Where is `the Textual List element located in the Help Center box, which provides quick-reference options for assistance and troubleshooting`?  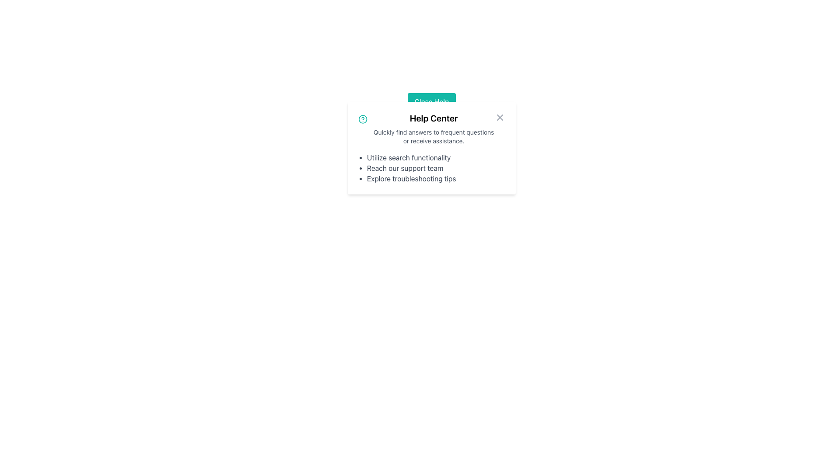
the Textual List element located in the Help Center box, which provides quick-reference options for assistance and troubleshooting is located at coordinates (432, 168).